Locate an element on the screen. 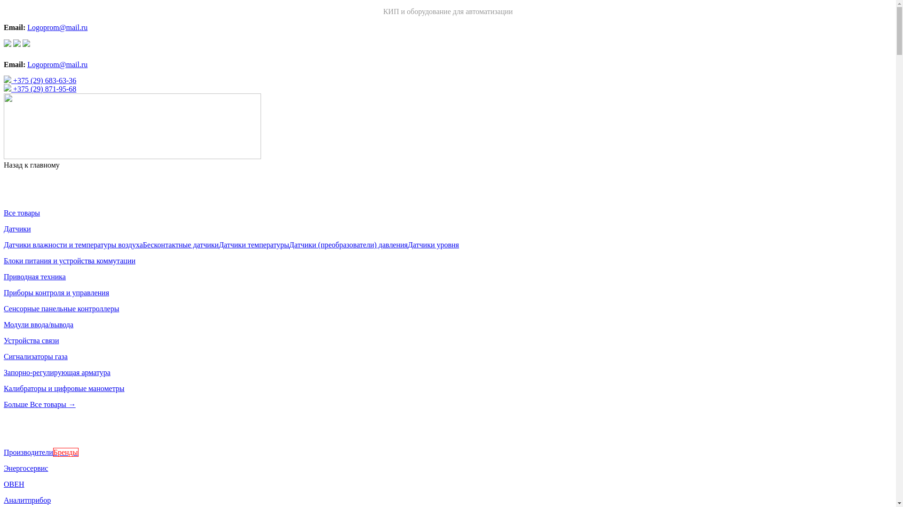 This screenshot has width=903, height=507. '+375 (29) 683-63-36' is located at coordinates (40, 80).